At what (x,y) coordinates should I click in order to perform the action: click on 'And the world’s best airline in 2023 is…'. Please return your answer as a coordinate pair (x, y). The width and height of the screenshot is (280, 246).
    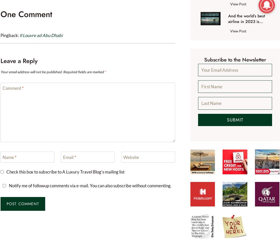
    Looking at the image, I should click on (246, 19).